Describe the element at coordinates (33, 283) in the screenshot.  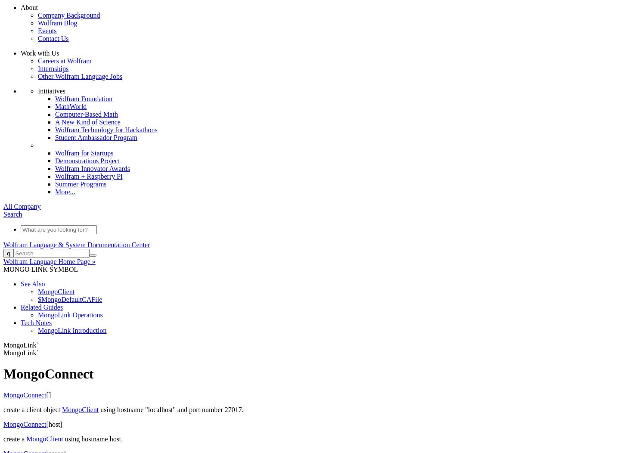
I see `'See Also'` at that location.